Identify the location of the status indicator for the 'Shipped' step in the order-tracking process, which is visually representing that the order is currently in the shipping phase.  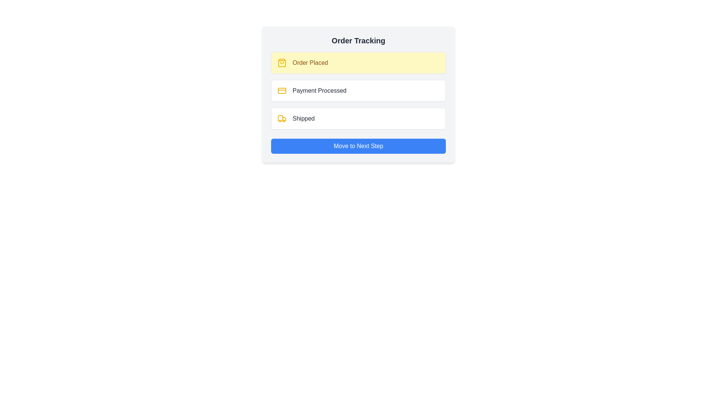
(358, 119).